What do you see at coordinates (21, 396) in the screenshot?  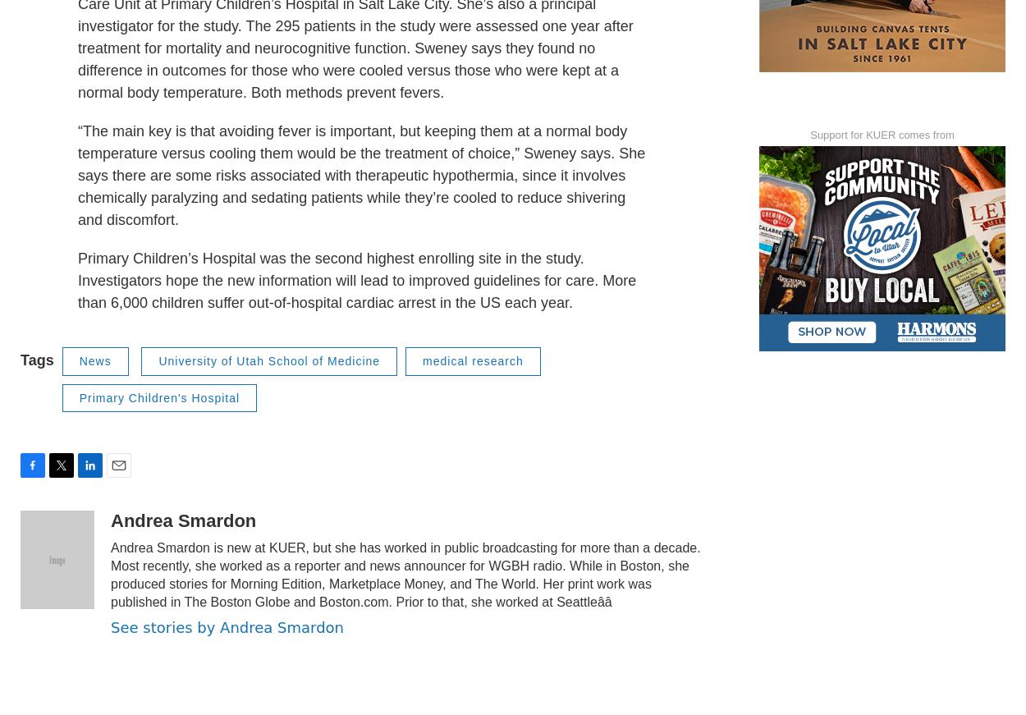 I see `'Tags'` at bounding box center [21, 396].